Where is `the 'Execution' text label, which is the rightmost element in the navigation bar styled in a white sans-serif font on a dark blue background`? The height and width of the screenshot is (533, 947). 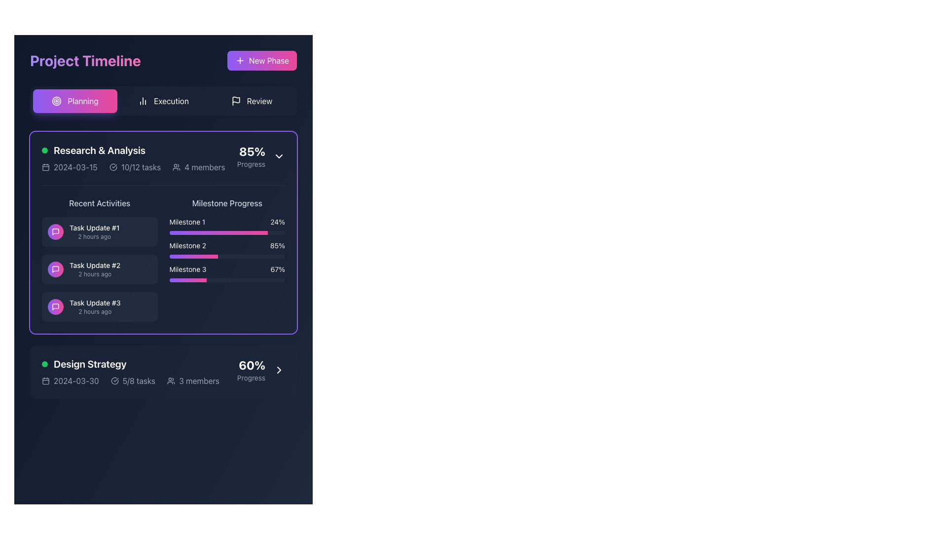 the 'Execution' text label, which is the rightmost element in the navigation bar styled in a white sans-serif font on a dark blue background is located at coordinates (171, 101).